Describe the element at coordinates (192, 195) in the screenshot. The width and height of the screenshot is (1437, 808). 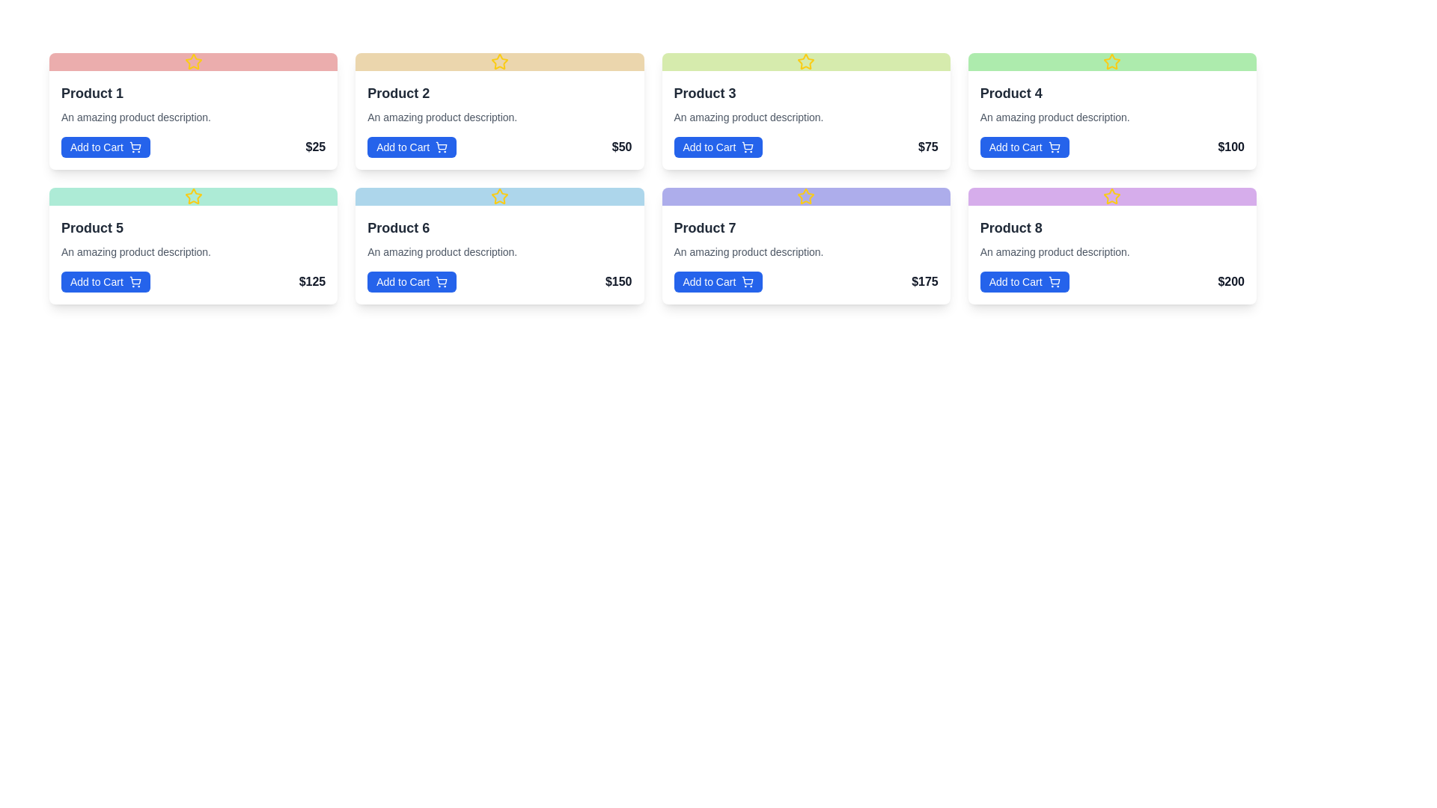
I see `the star icon with a hollow center outlined in bright yellow, located at the top-center of the 'Product 5' card within a green background header` at that location.